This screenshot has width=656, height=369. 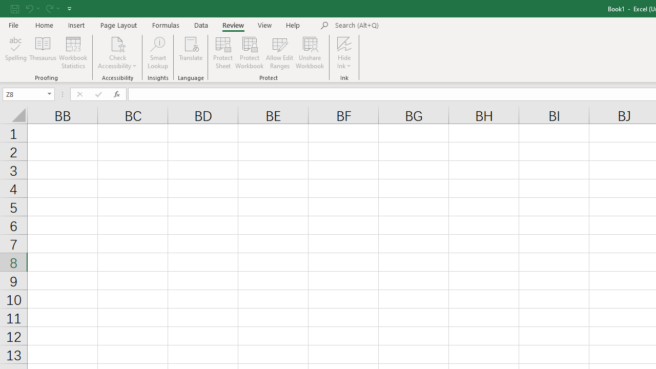 What do you see at coordinates (344, 43) in the screenshot?
I see `'Hide Ink'` at bounding box center [344, 43].